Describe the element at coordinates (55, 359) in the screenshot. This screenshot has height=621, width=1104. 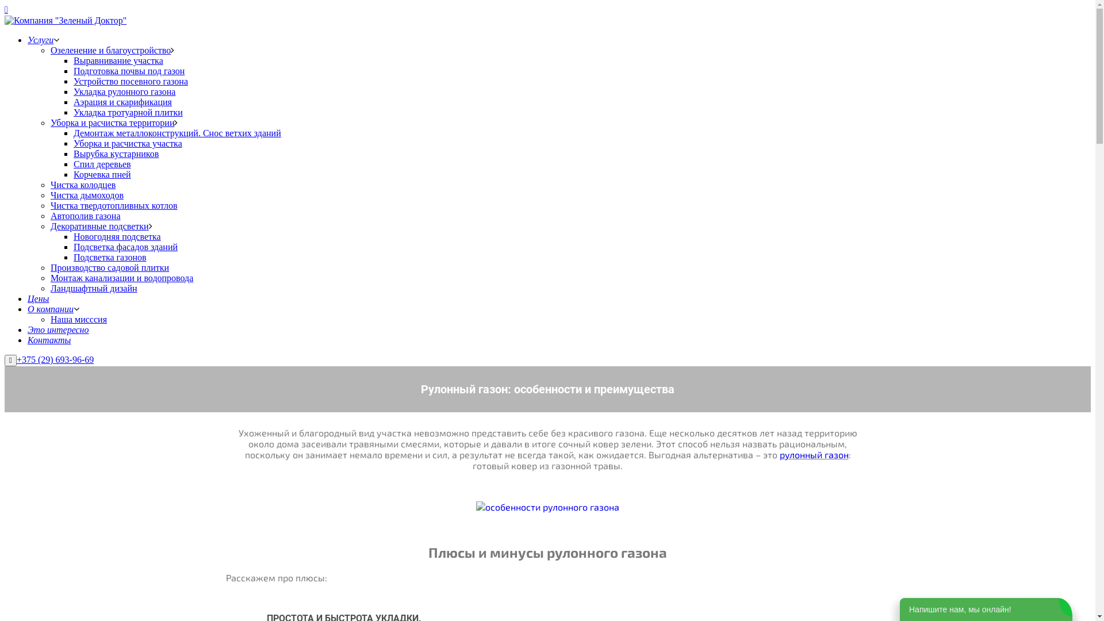
I see `'+375 (29) 693-96-69'` at that location.